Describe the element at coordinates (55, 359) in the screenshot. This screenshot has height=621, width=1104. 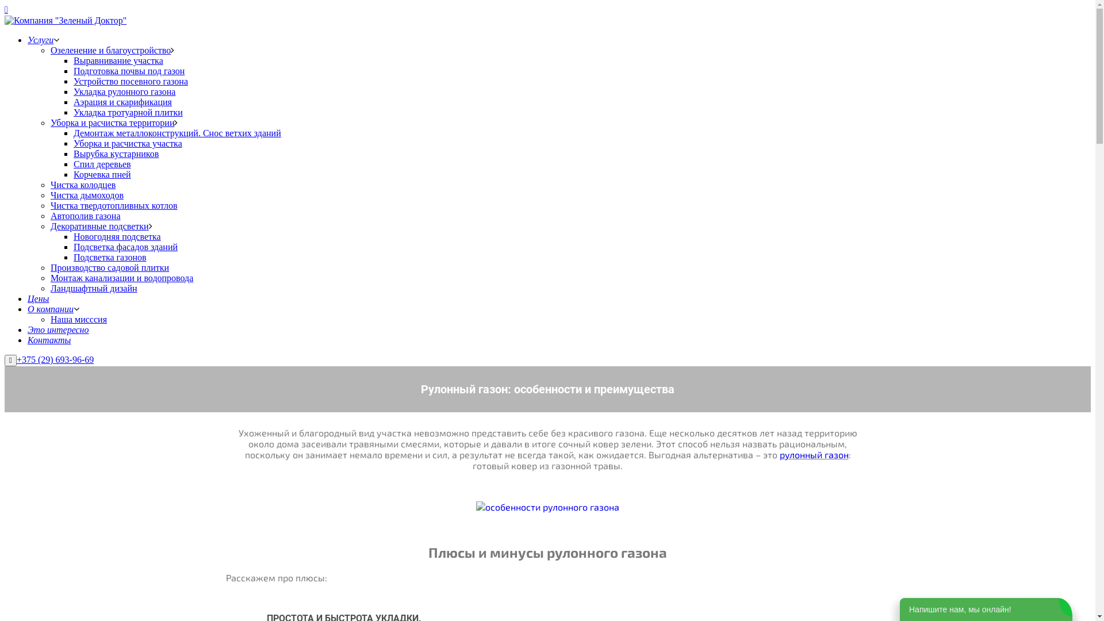
I see `'+375 (29) 693-96-69'` at that location.